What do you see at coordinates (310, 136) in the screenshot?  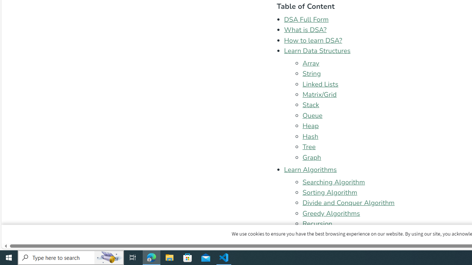 I see `'Hash'` at bounding box center [310, 136].